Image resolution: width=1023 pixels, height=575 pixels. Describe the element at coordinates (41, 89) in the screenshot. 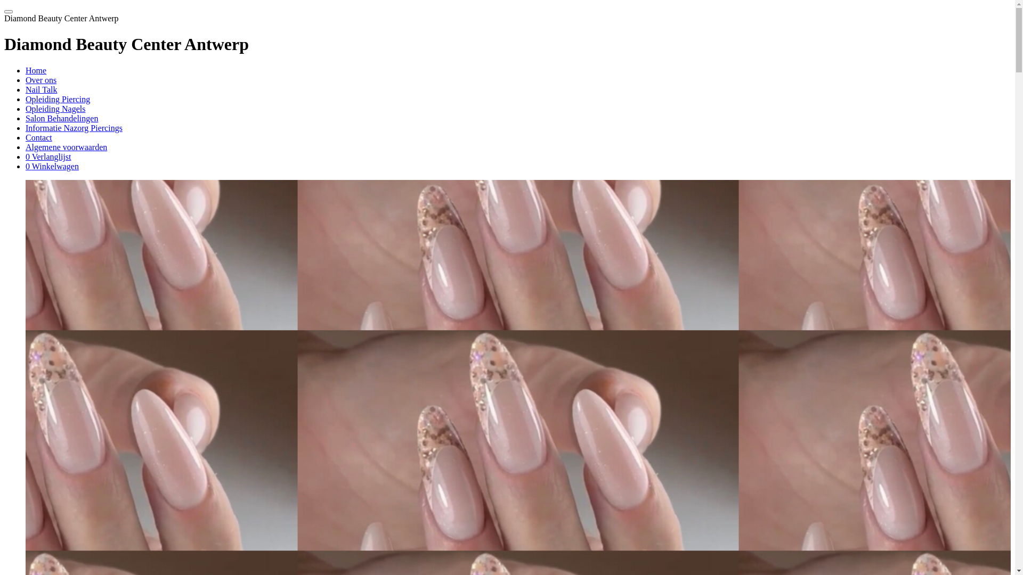

I see `'Nail Talk'` at that location.